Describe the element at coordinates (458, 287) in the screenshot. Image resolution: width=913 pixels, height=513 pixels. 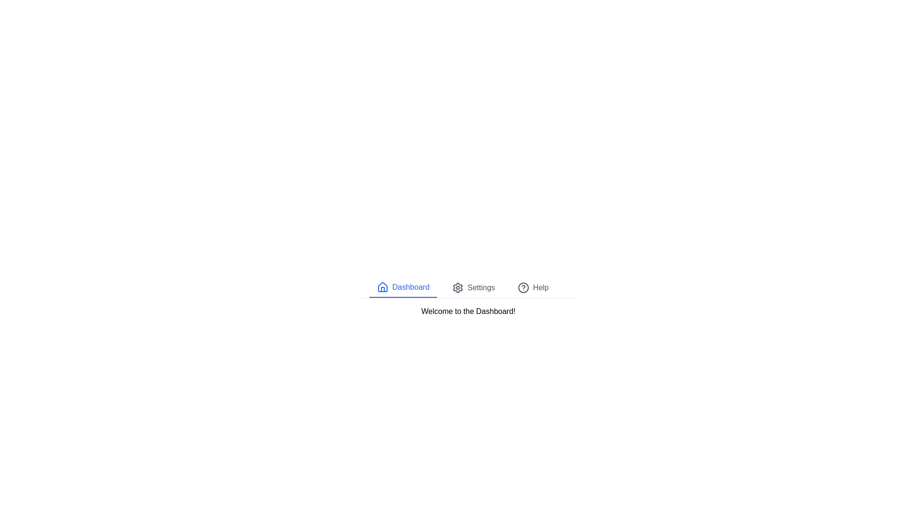
I see `the tab corresponding to Settings by clicking its icon` at that location.